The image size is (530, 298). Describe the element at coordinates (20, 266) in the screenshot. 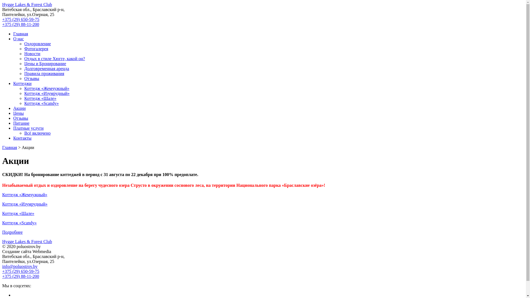

I see `'info@poluostrov.by'` at that location.